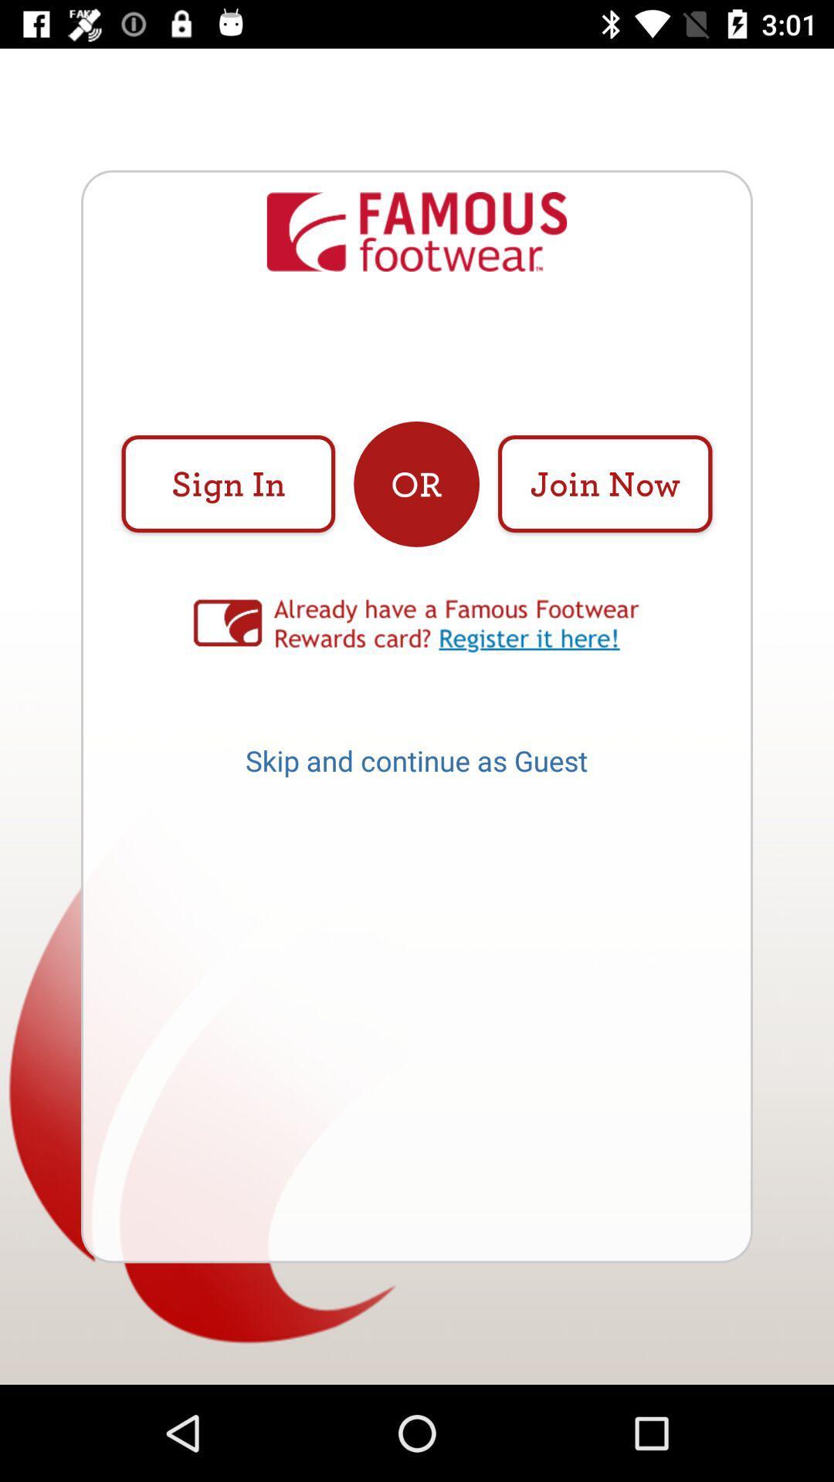 The height and width of the screenshot is (1482, 834). What do you see at coordinates (228, 483) in the screenshot?
I see `the item next to the or icon` at bounding box center [228, 483].